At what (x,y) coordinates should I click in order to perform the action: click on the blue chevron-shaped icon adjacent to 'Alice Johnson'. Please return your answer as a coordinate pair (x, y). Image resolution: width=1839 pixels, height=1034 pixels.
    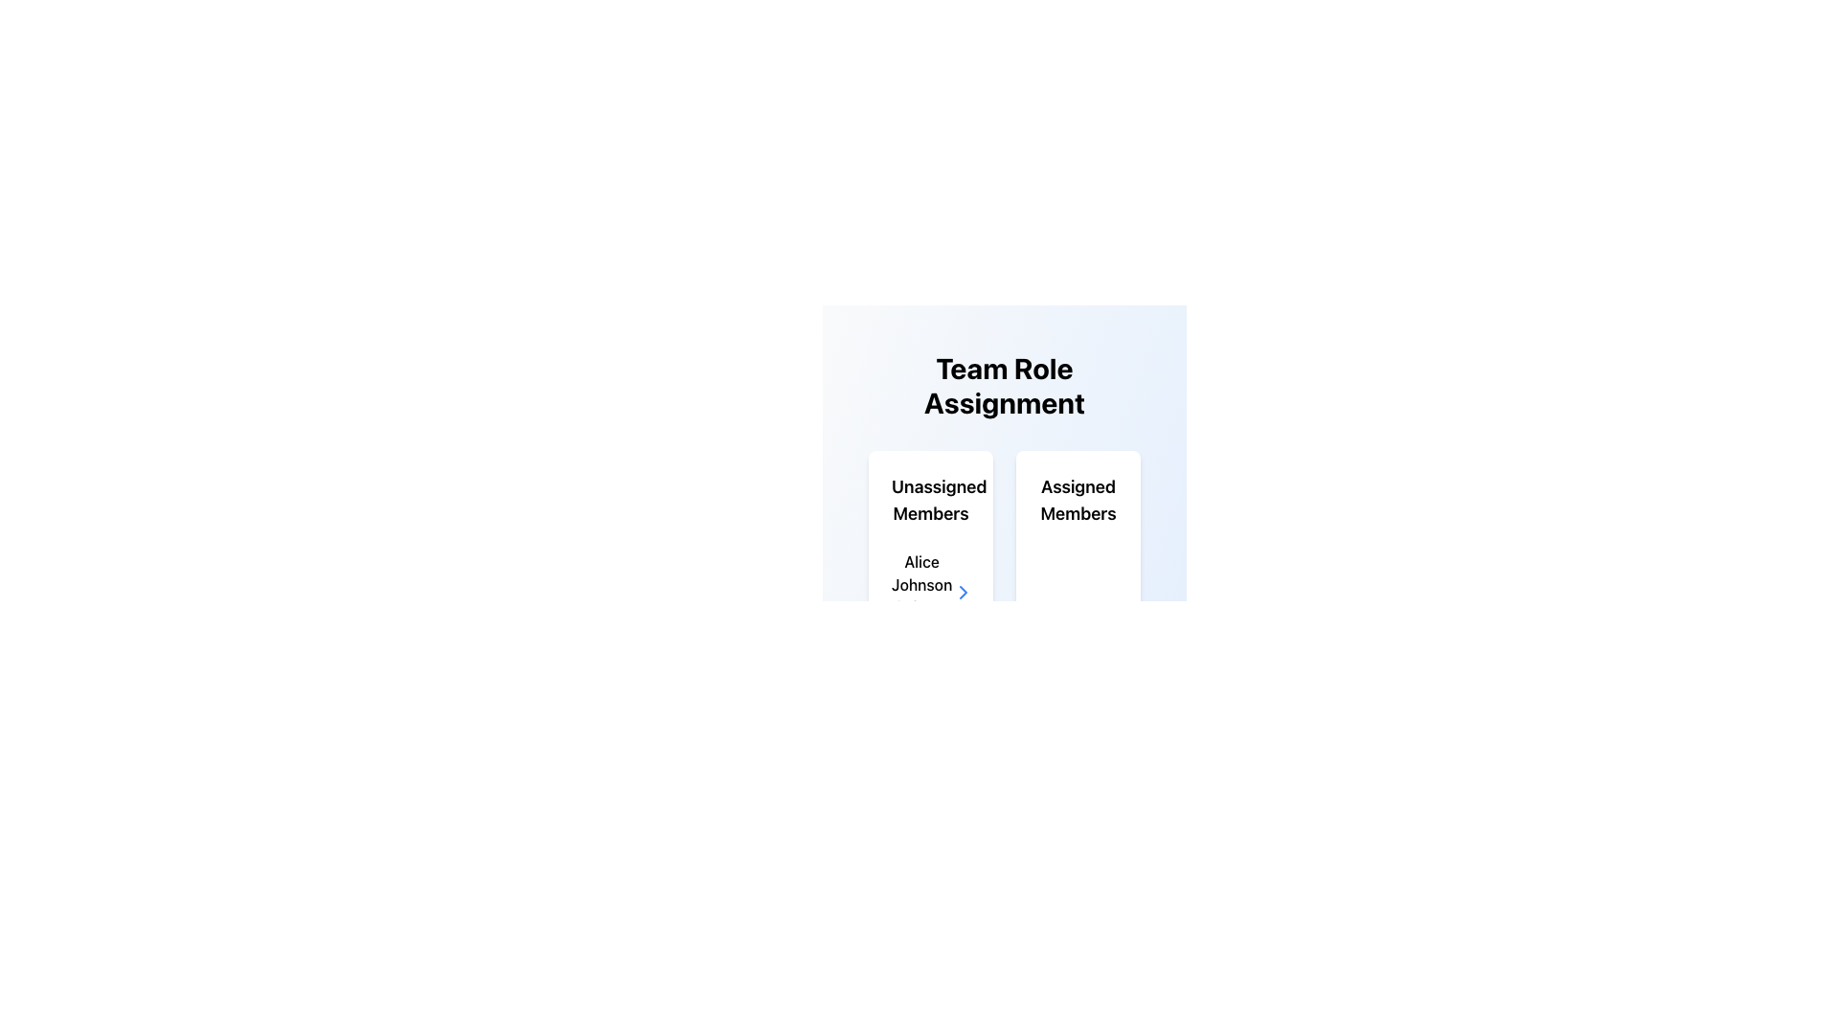
    Looking at the image, I should click on (964, 591).